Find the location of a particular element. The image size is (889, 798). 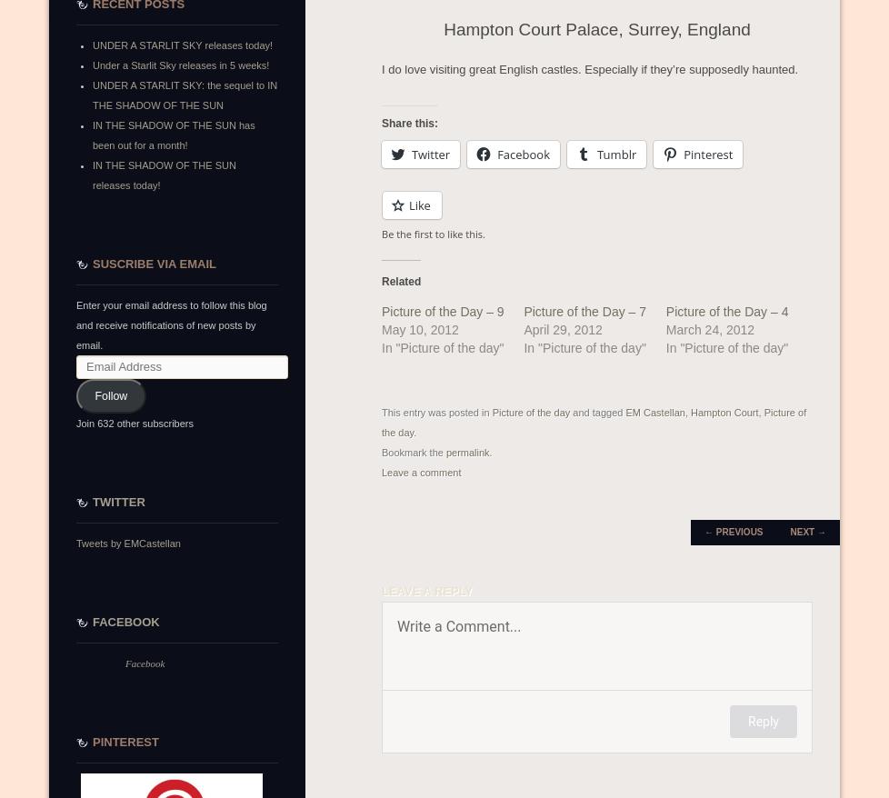

'EM Castellan' is located at coordinates (625, 412).